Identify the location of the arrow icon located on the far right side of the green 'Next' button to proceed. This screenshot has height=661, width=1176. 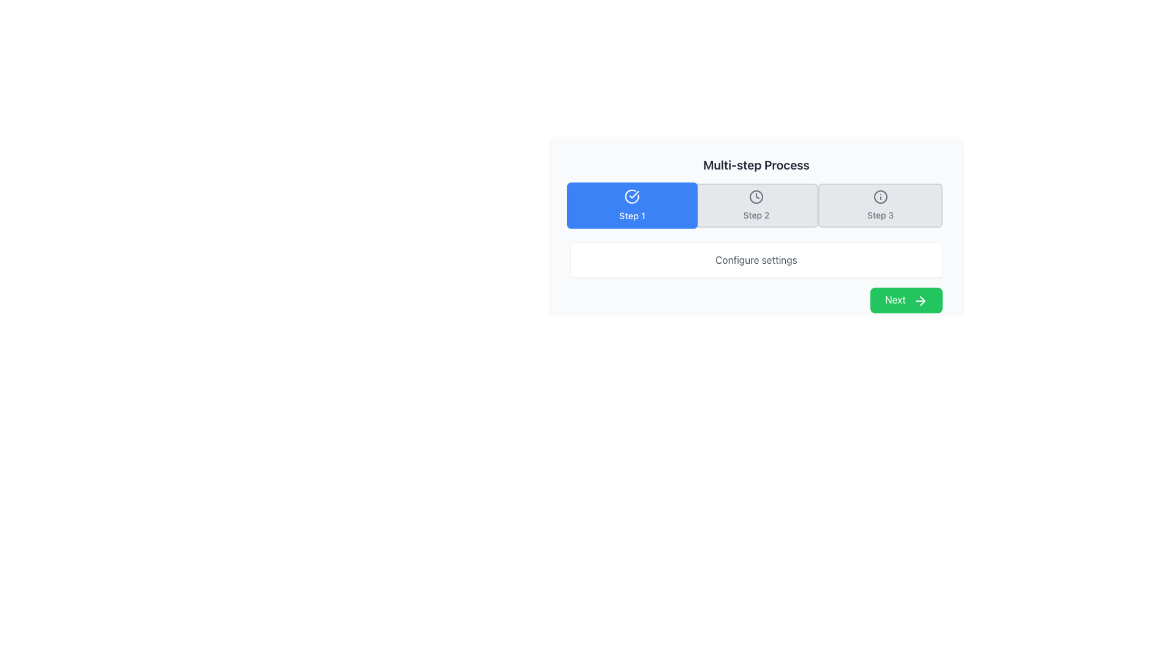
(920, 300).